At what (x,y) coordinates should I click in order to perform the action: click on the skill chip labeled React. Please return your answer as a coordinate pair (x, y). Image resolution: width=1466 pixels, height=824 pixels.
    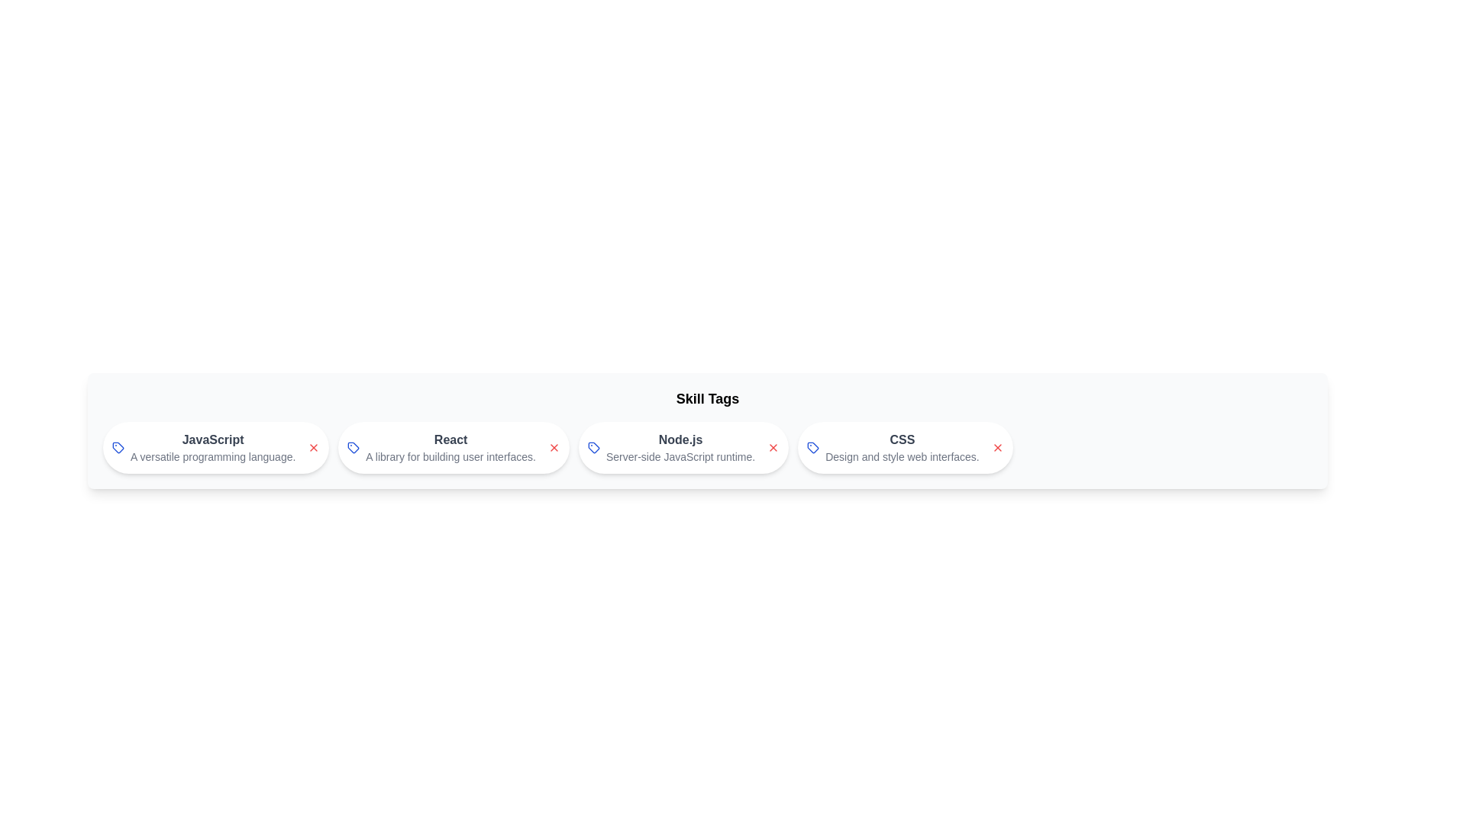
    Looking at the image, I should click on (453, 446).